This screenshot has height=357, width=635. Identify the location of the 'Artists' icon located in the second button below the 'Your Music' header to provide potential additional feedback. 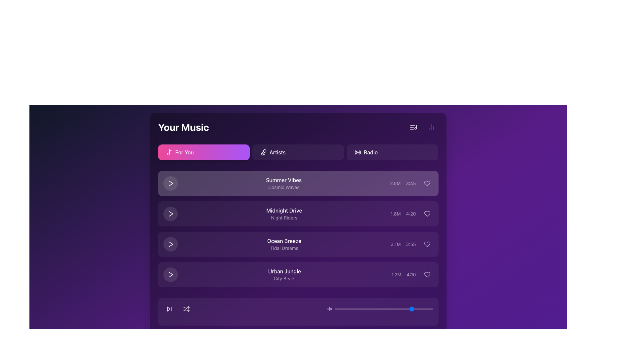
(263, 152).